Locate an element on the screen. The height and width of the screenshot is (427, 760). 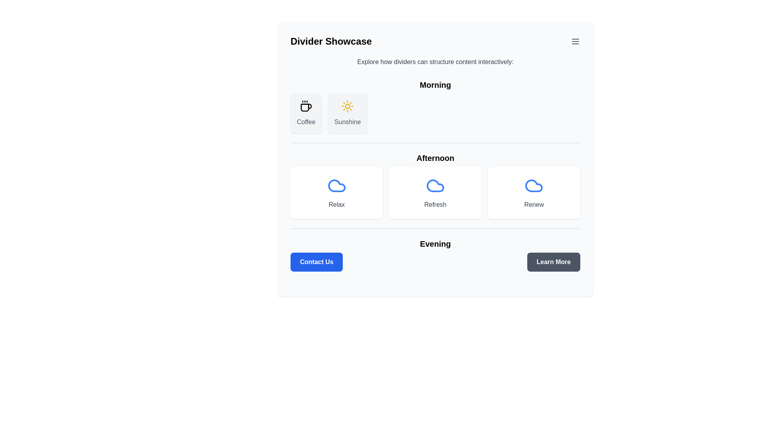
the cloud-shaped icon with a blue outline located in the 'Refresh' card of the 'Afternoon' section is located at coordinates (435, 186).